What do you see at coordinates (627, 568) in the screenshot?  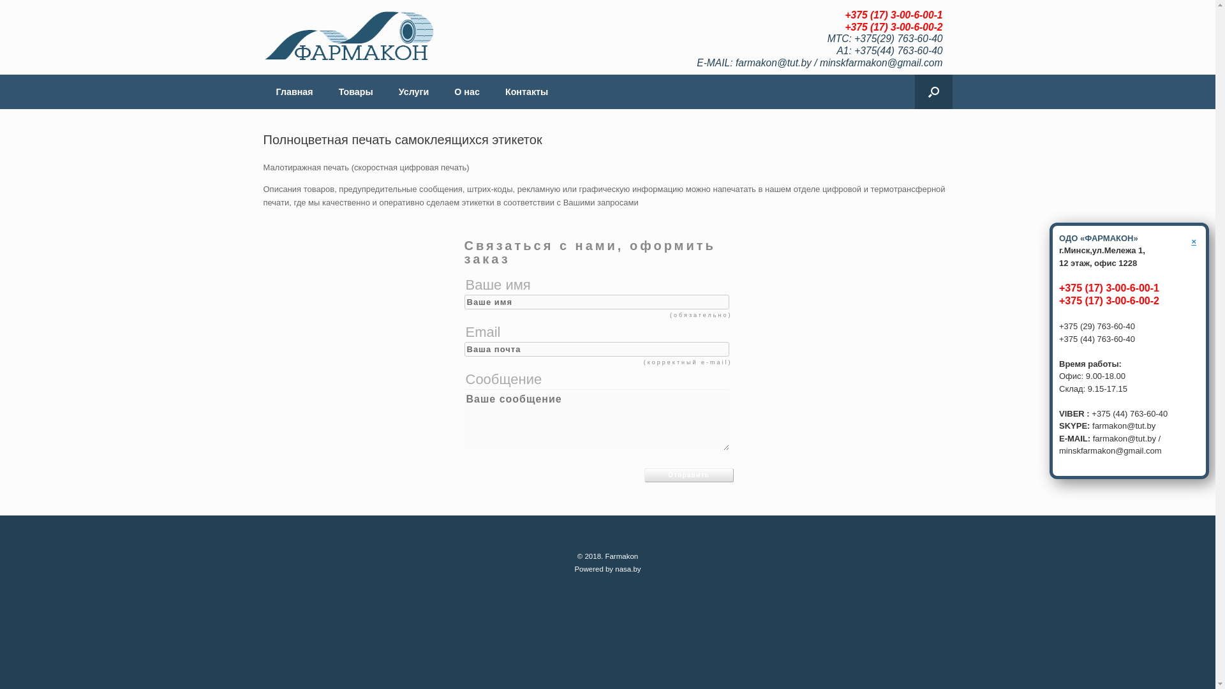 I see `'nasa.by'` at bounding box center [627, 568].